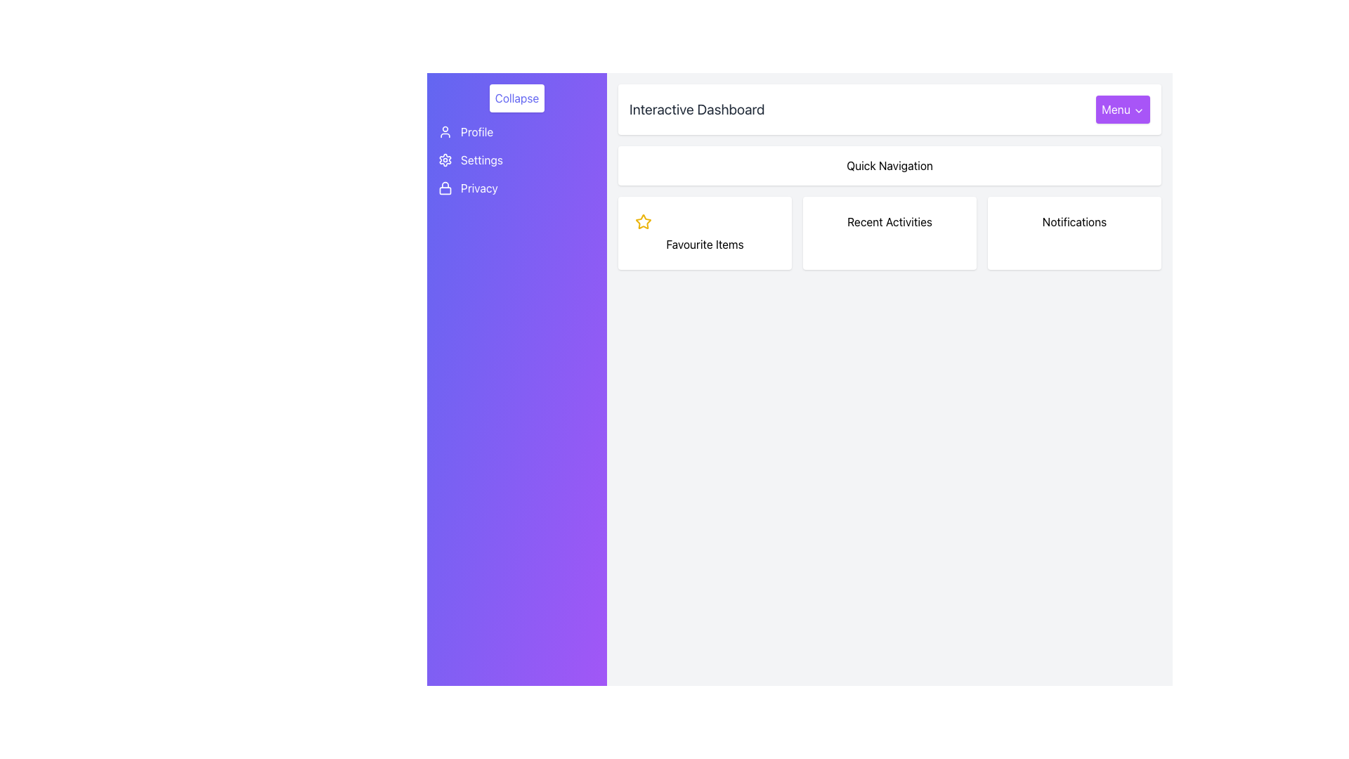 The image size is (1349, 759). What do you see at coordinates (1074, 232) in the screenshot?
I see `the 'Notifications' button, which is a rectangular button with a white background and rounded corners, located under the 'Quick Navigation' section, to the right of the 'Recent Activities' button` at bounding box center [1074, 232].